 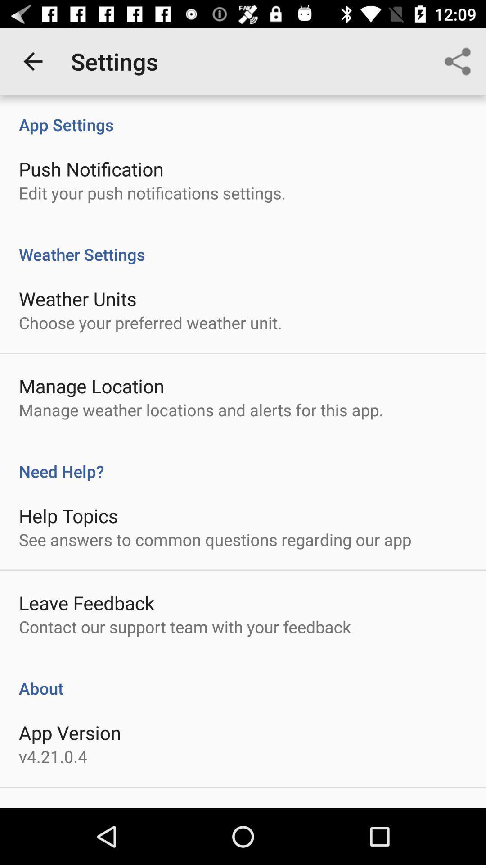 What do you see at coordinates (201, 409) in the screenshot?
I see `manage weather locations item` at bounding box center [201, 409].